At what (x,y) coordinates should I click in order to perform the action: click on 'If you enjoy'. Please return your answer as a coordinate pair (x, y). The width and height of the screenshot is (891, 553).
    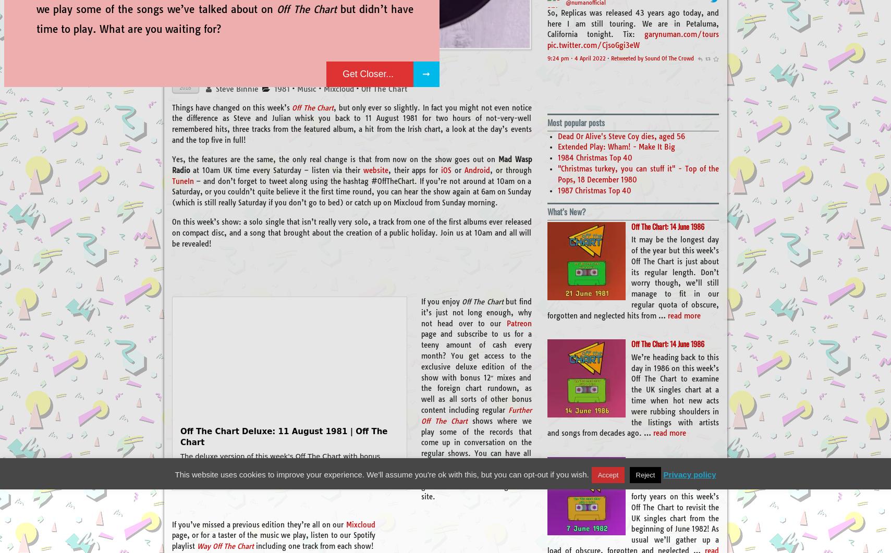
    Looking at the image, I should click on (441, 301).